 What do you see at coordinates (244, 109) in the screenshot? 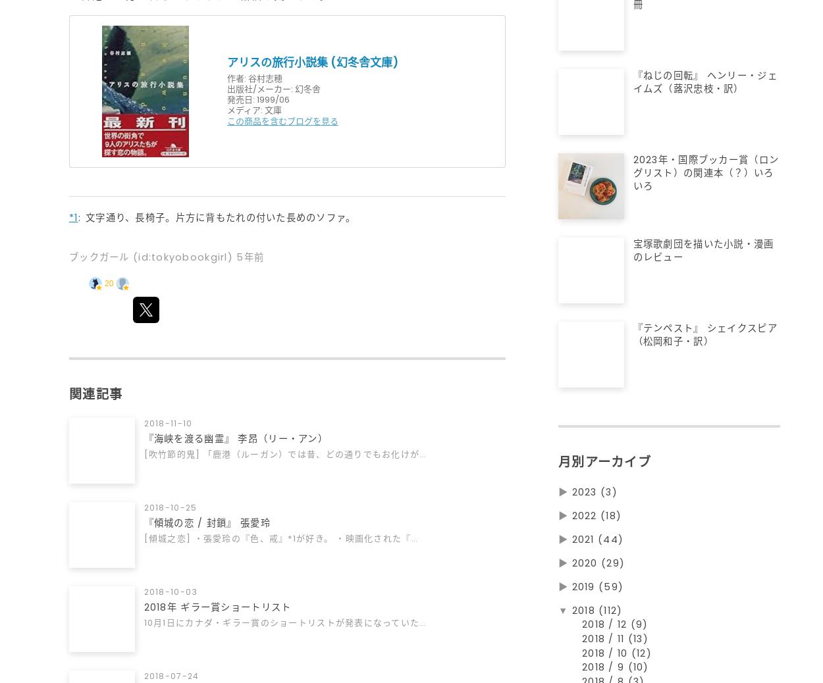
I see `'メディア:'` at bounding box center [244, 109].